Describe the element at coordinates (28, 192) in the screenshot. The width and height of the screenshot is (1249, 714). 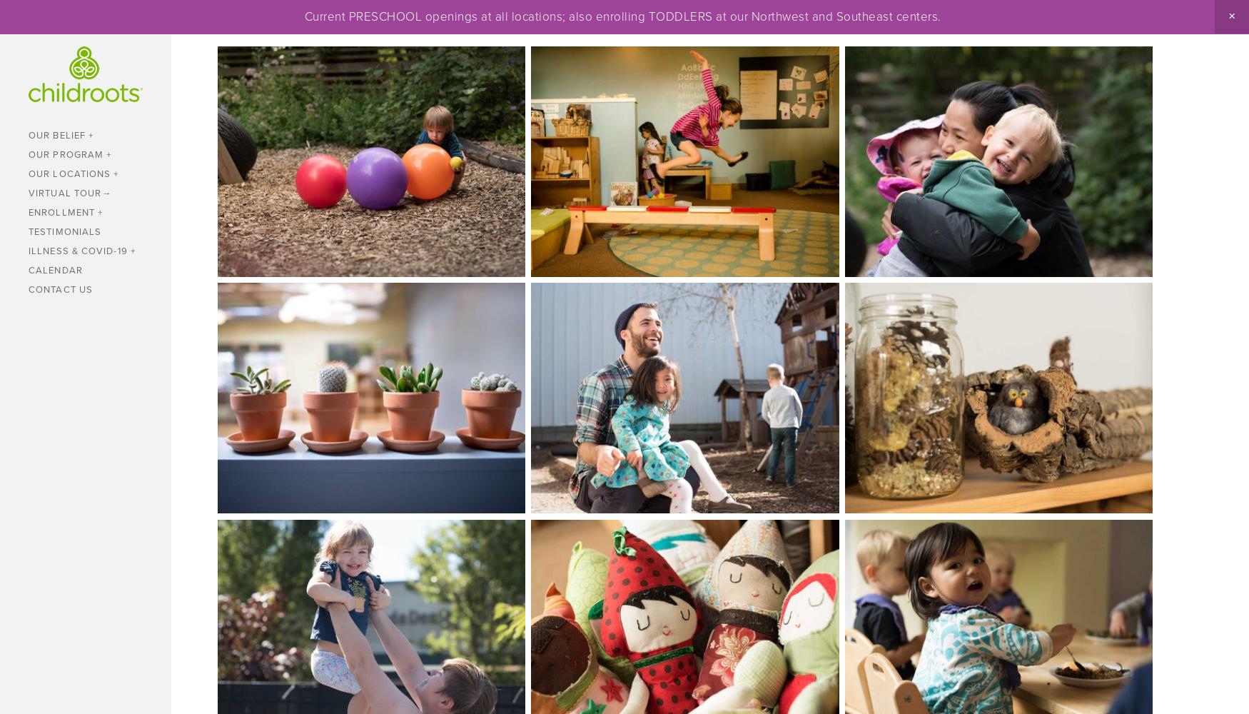
I see `'Virtual Tour'` at that location.